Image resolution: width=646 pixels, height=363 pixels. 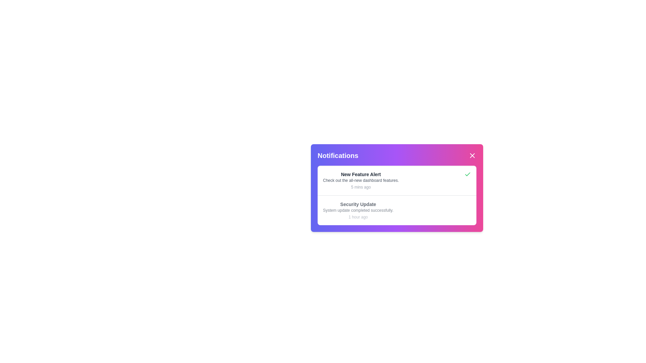 I want to click on the 'New Feature Alert' notification in the Notification Card, which is styled with a gradient background and contains distinct entries for notifications, so click(x=397, y=188).